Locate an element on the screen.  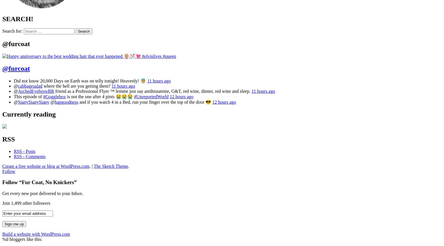
'Build a website with WordPress.com' is located at coordinates (2, 234).